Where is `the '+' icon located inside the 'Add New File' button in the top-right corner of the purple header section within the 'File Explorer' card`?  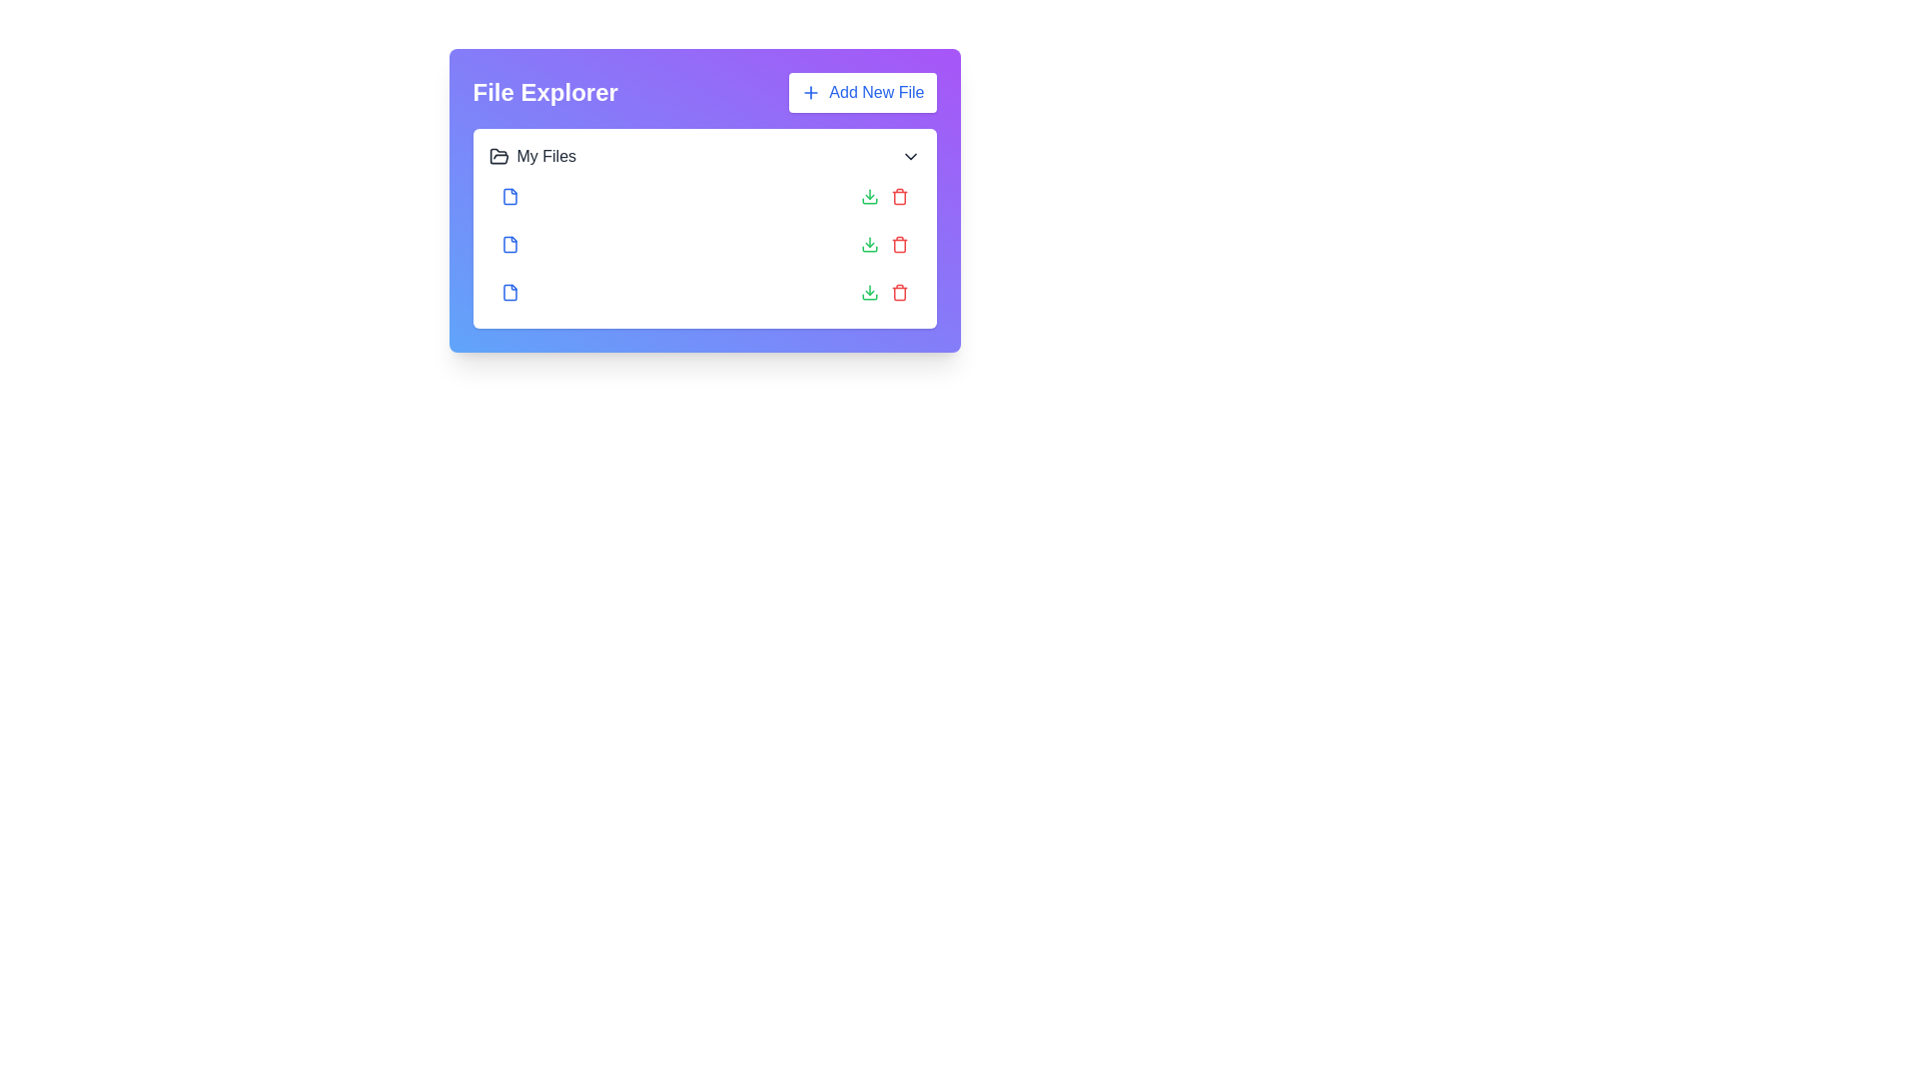
the '+' icon located inside the 'Add New File' button in the top-right corner of the purple header section within the 'File Explorer' card is located at coordinates (811, 92).